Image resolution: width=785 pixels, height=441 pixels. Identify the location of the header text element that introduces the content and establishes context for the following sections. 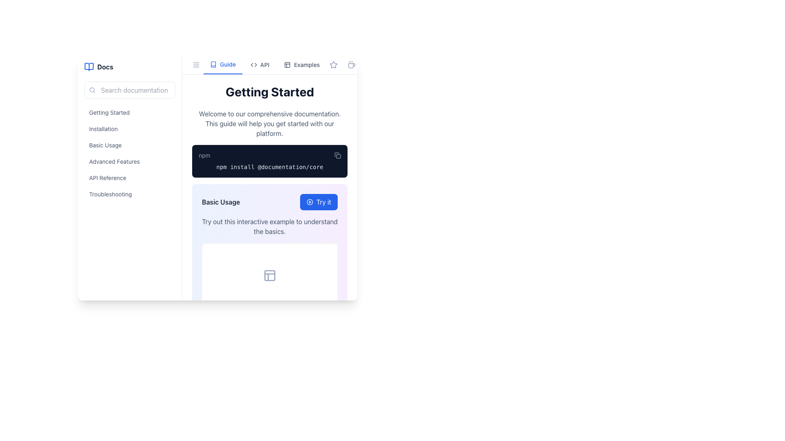
(270, 91).